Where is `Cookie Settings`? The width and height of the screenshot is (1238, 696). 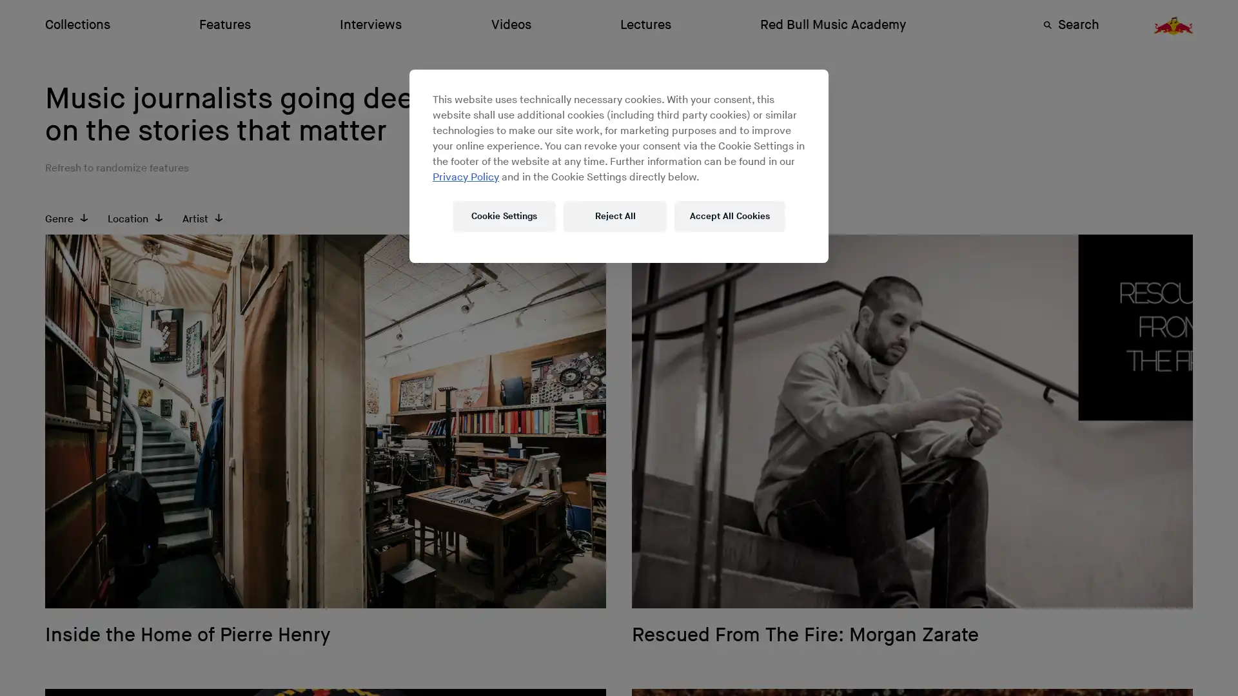 Cookie Settings is located at coordinates (504, 215).